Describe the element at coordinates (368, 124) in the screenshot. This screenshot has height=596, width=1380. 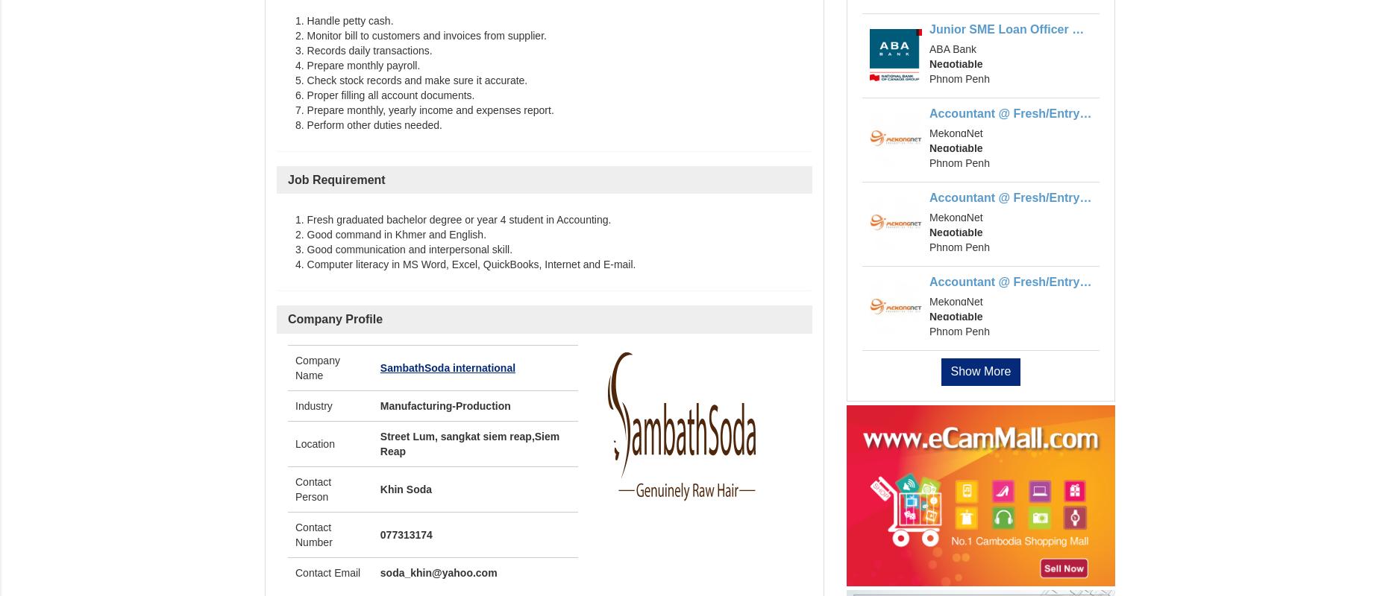
I see `'8. Perform other duties needed.'` at that location.